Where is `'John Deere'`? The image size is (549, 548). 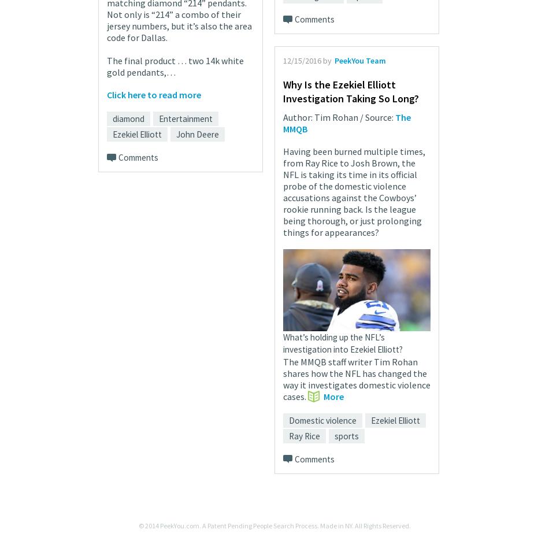
'John Deere' is located at coordinates (197, 134).